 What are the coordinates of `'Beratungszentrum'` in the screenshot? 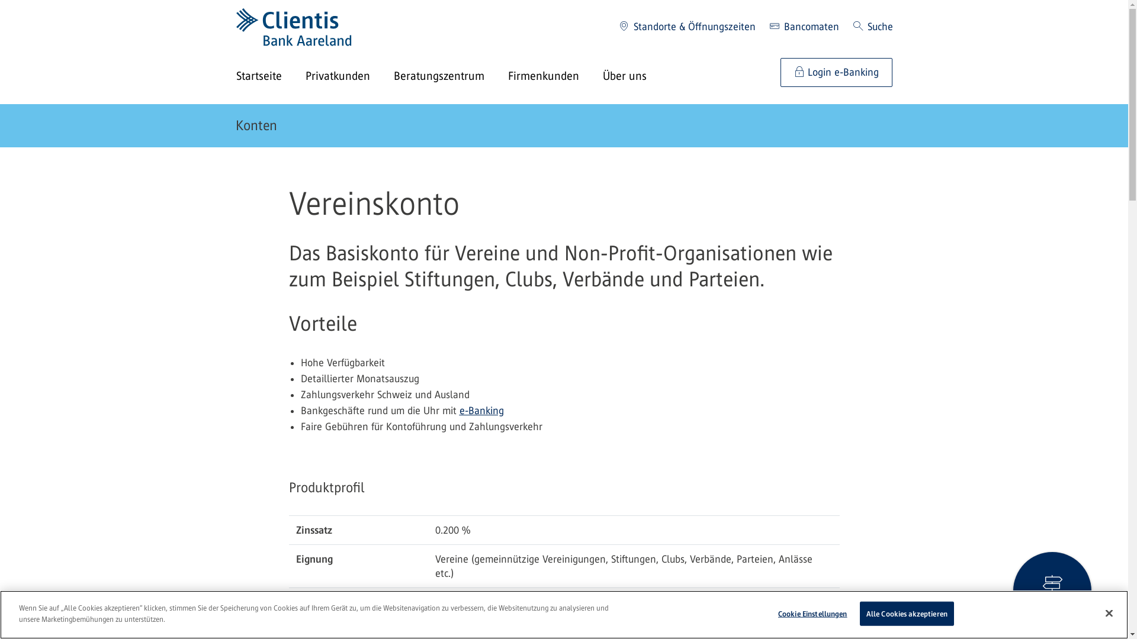 It's located at (449, 77).